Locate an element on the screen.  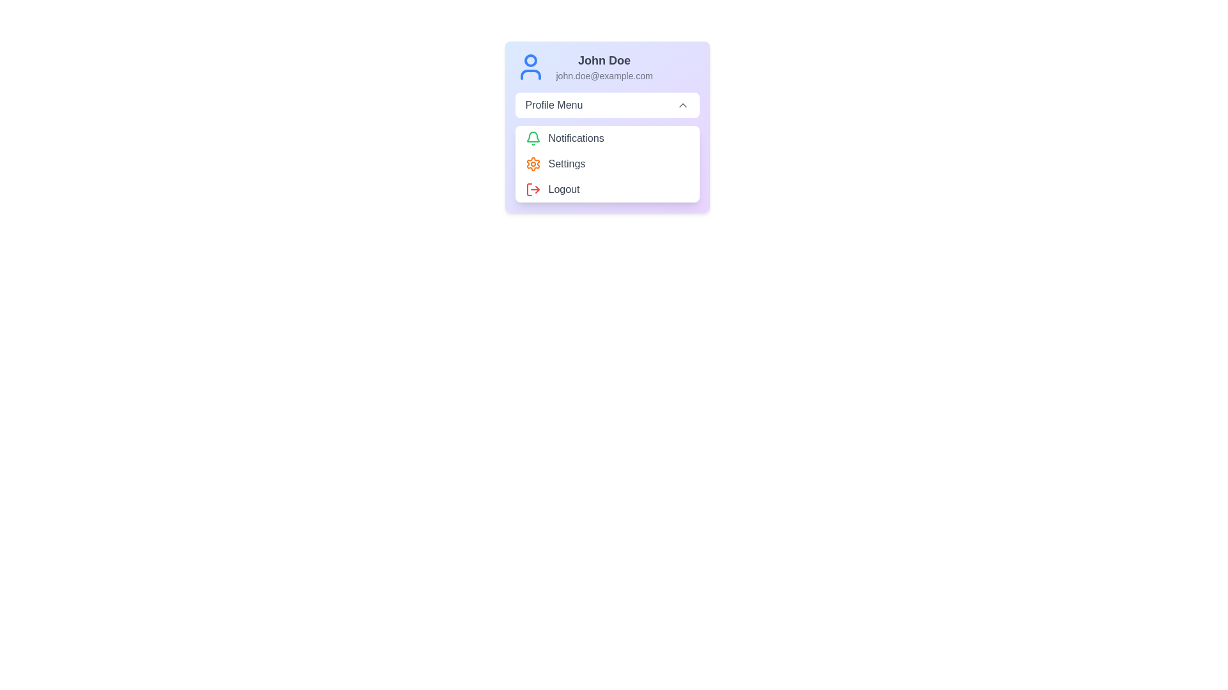
the 'Logout' menu item, which is the last item in a vertical dropdown menu styled in red with an arrow icon indicating exit is located at coordinates (606, 190).